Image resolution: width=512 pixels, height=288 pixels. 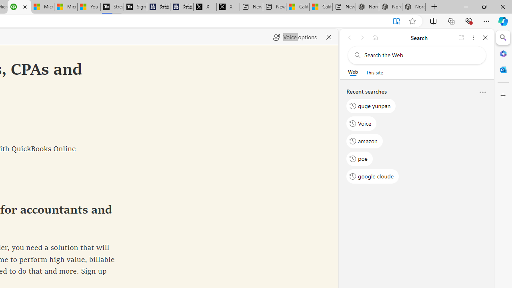 What do you see at coordinates (359, 158) in the screenshot?
I see `'poe'` at bounding box center [359, 158].